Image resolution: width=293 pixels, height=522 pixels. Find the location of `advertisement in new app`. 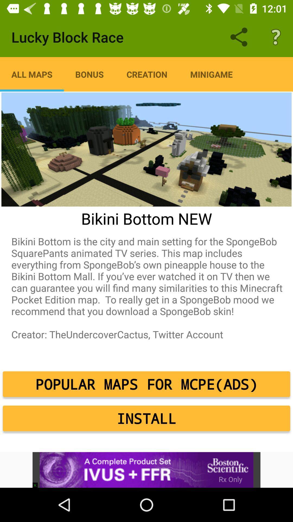

advertisement in new app is located at coordinates (146, 470).